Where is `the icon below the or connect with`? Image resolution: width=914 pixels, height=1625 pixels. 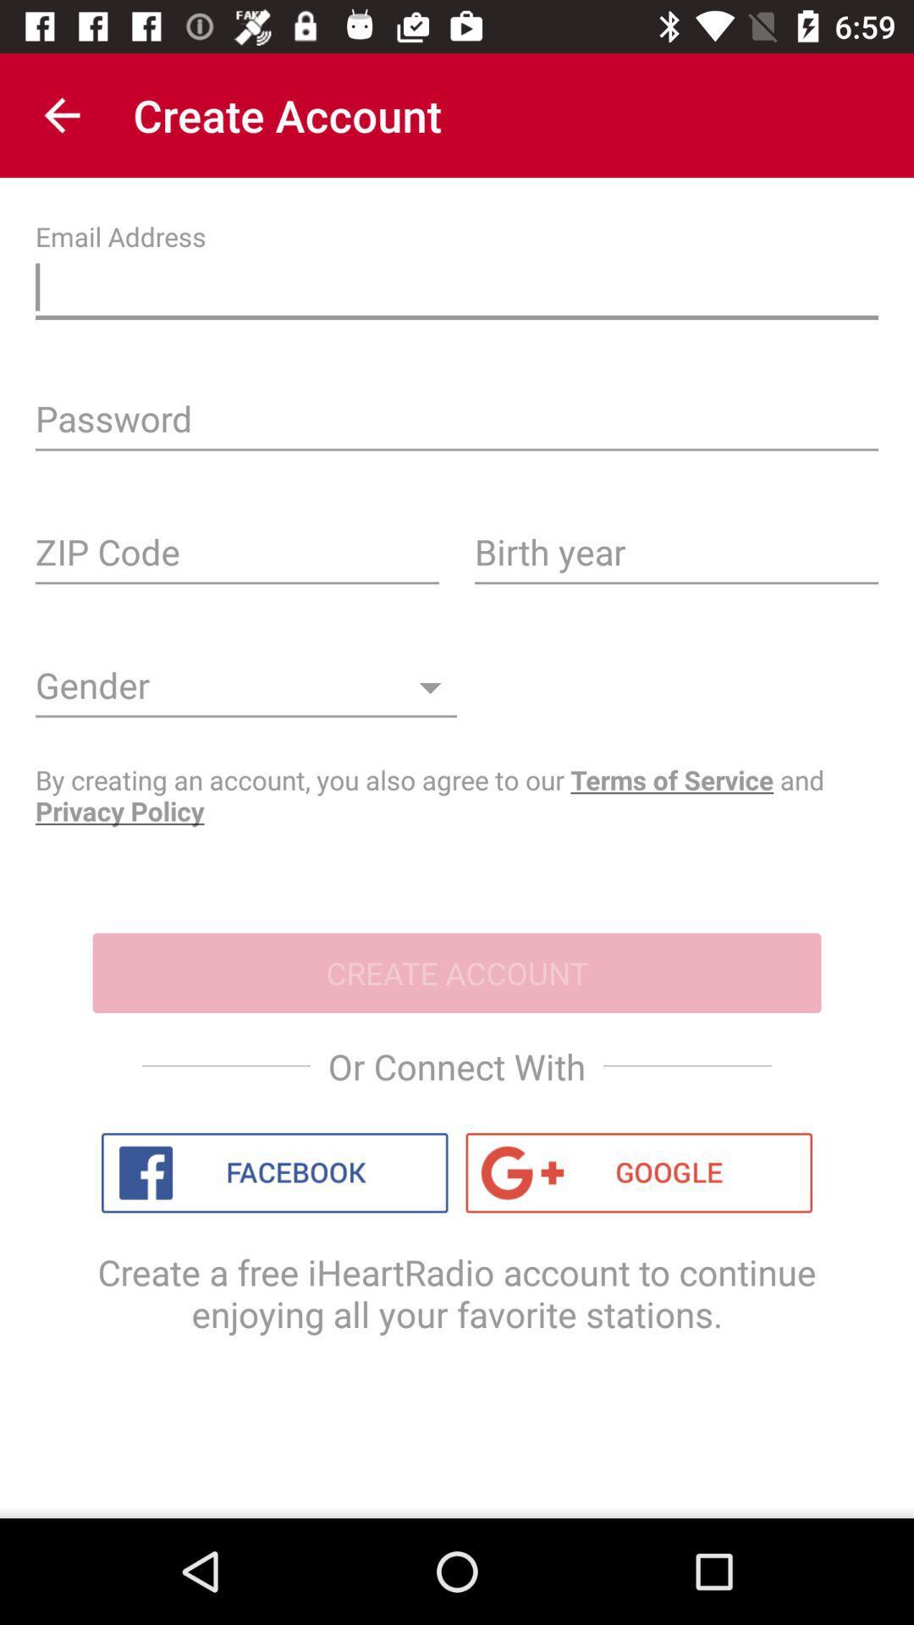 the icon below the or connect with is located at coordinates (273, 1172).